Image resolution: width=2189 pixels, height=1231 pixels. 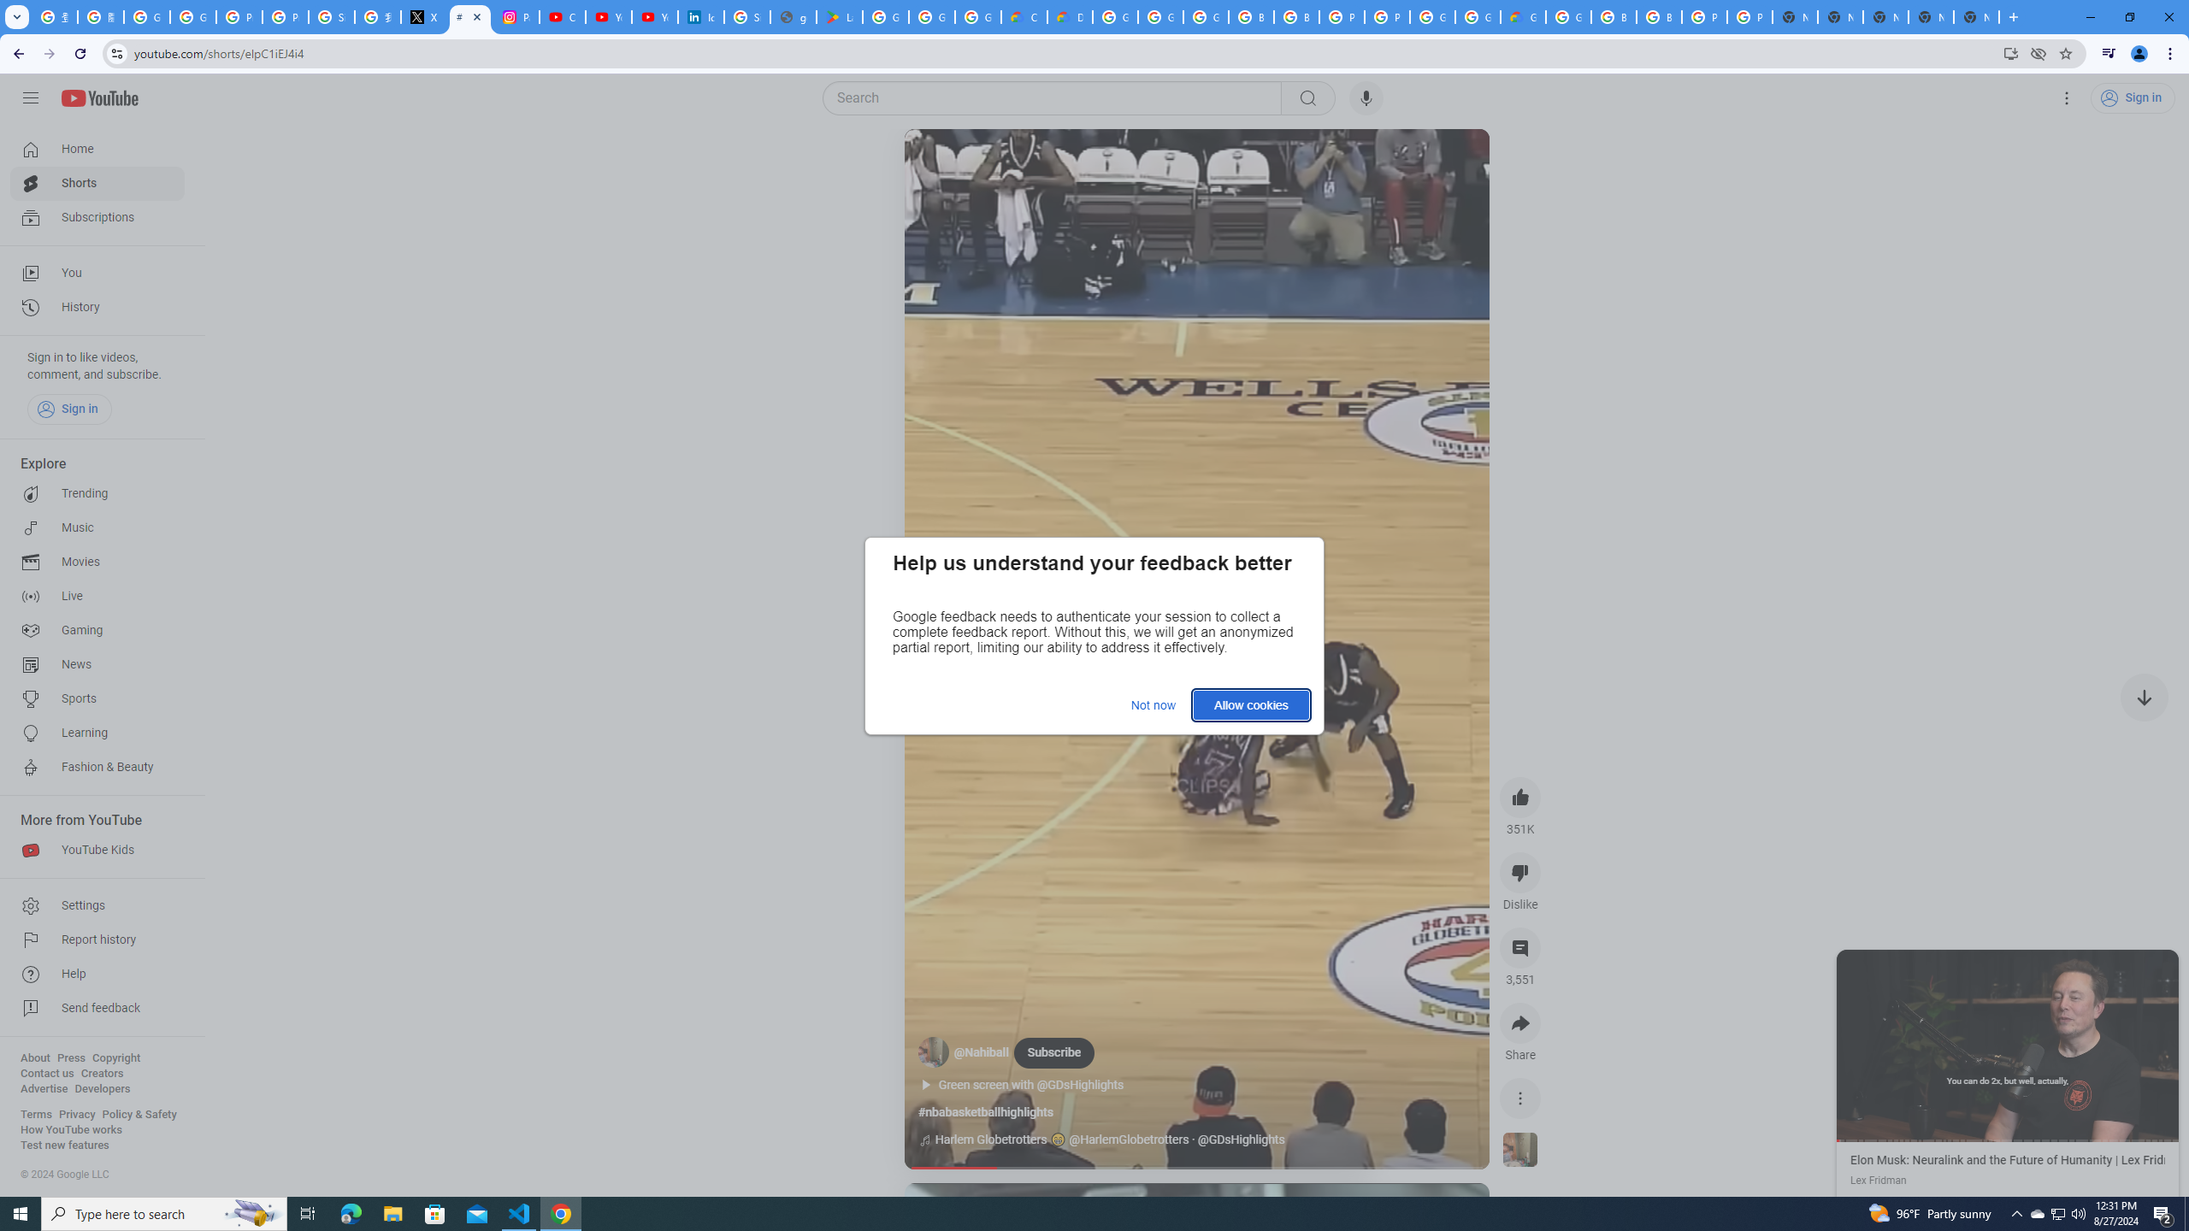 What do you see at coordinates (102, 1073) in the screenshot?
I see `'Creators'` at bounding box center [102, 1073].